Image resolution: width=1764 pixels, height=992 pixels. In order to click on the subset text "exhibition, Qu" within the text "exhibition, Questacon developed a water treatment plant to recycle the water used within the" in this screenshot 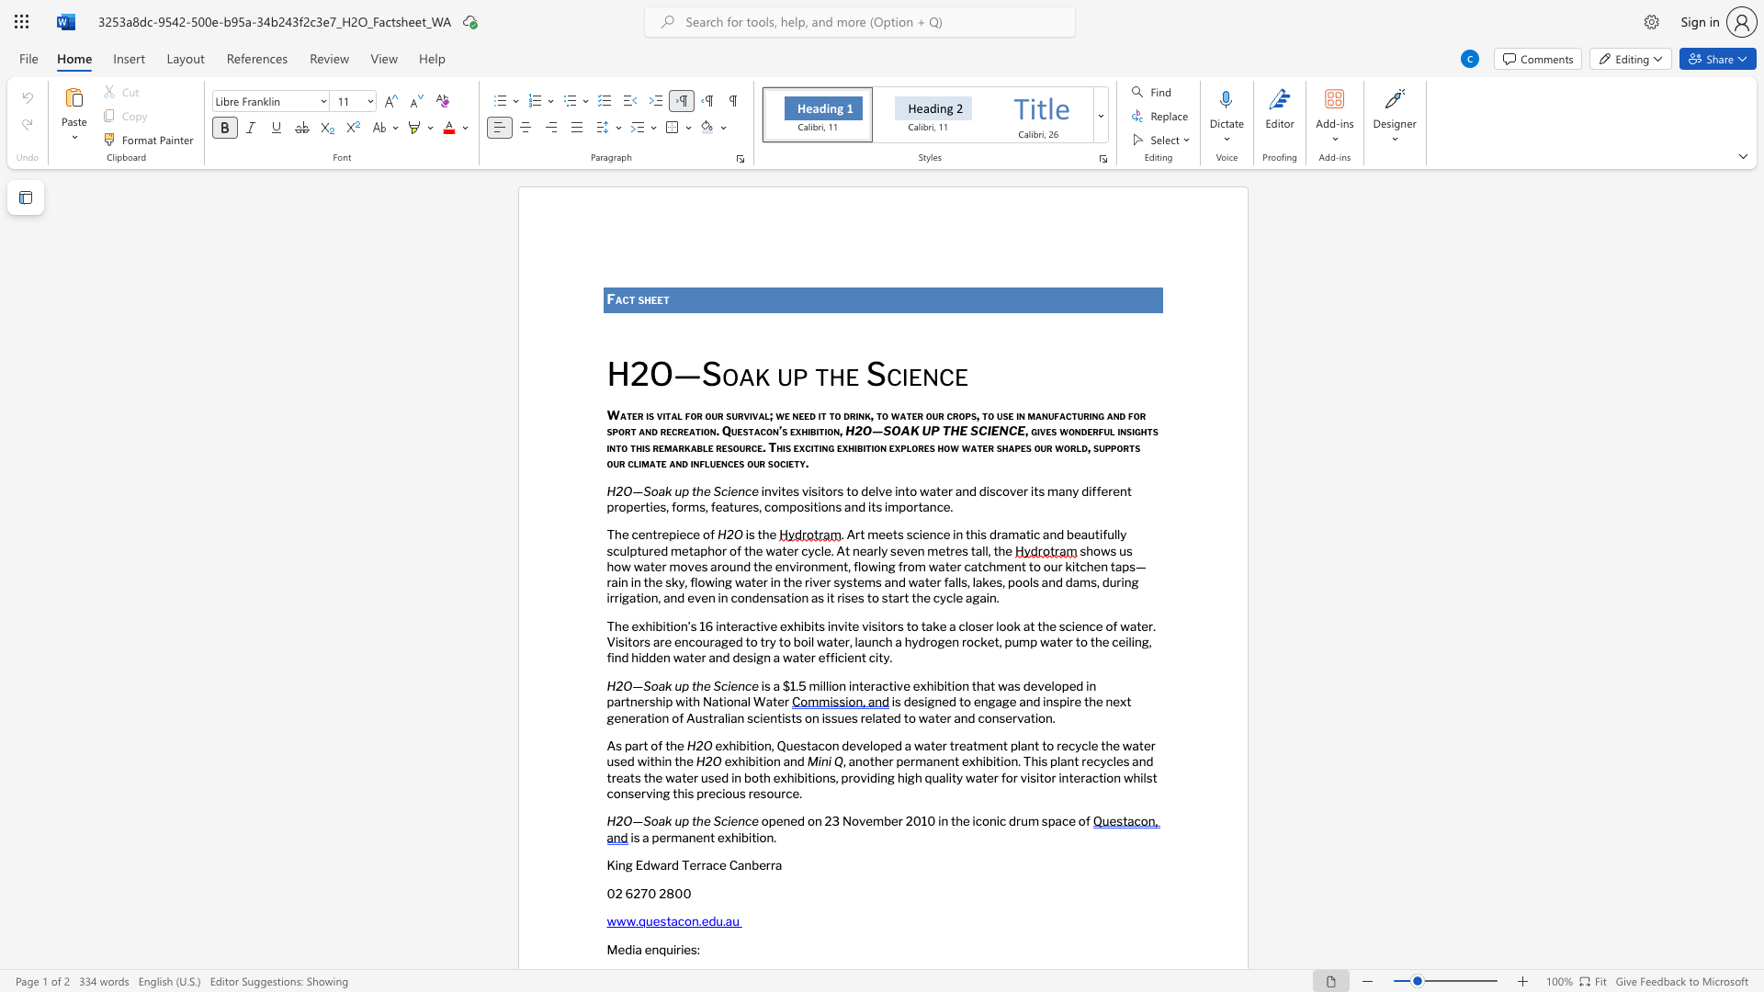, I will do `click(714, 746)`.